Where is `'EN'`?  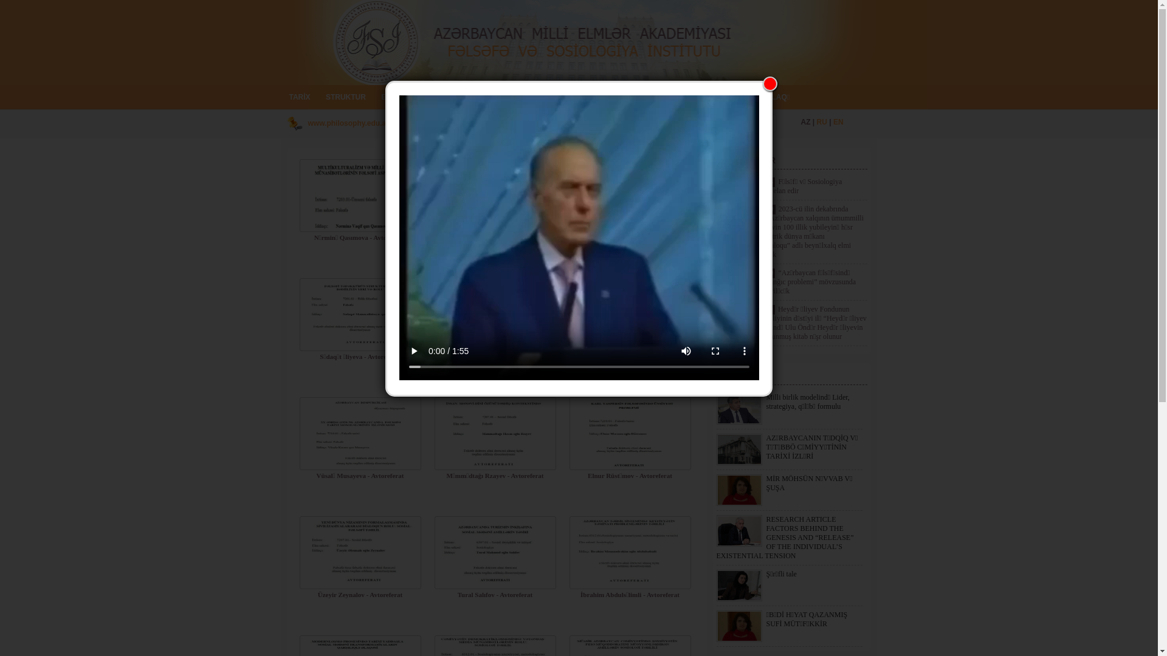 'EN' is located at coordinates (838, 121).